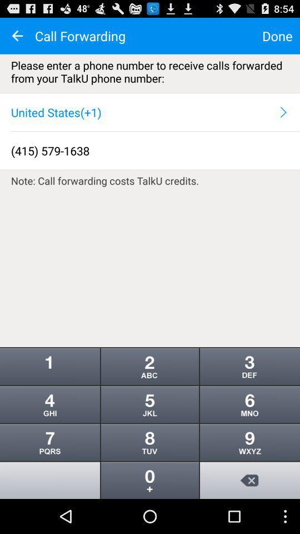  I want to click on the more icon, so click(249, 432).